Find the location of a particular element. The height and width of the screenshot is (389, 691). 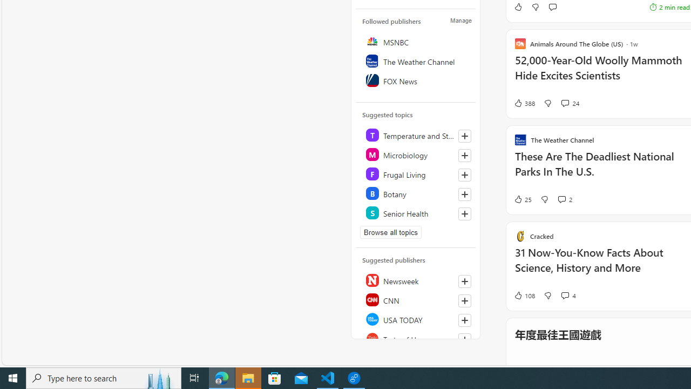

'Follow this source' is located at coordinates (464, 339).